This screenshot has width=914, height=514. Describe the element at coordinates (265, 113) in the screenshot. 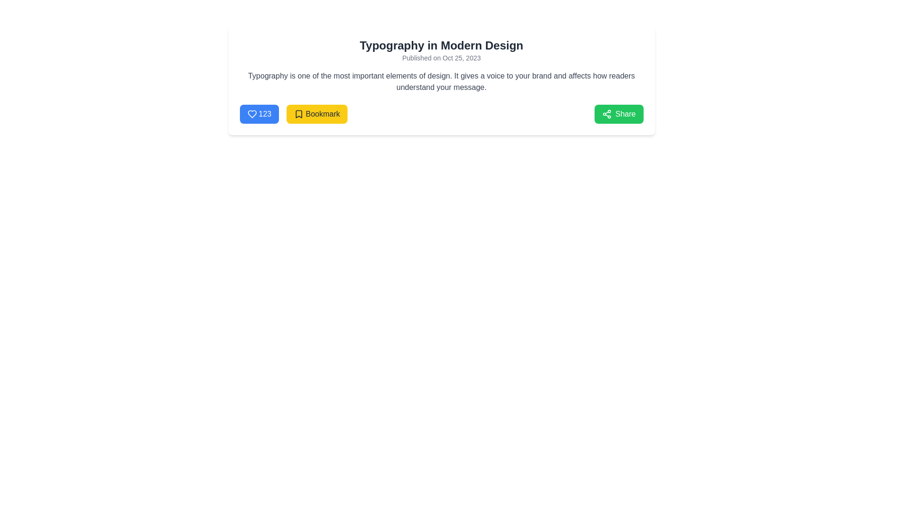

I see `the text label displaying '123' in white text, which is part of a blue button with rounded corners, located to the left of a yellow bookmark button` at that location.